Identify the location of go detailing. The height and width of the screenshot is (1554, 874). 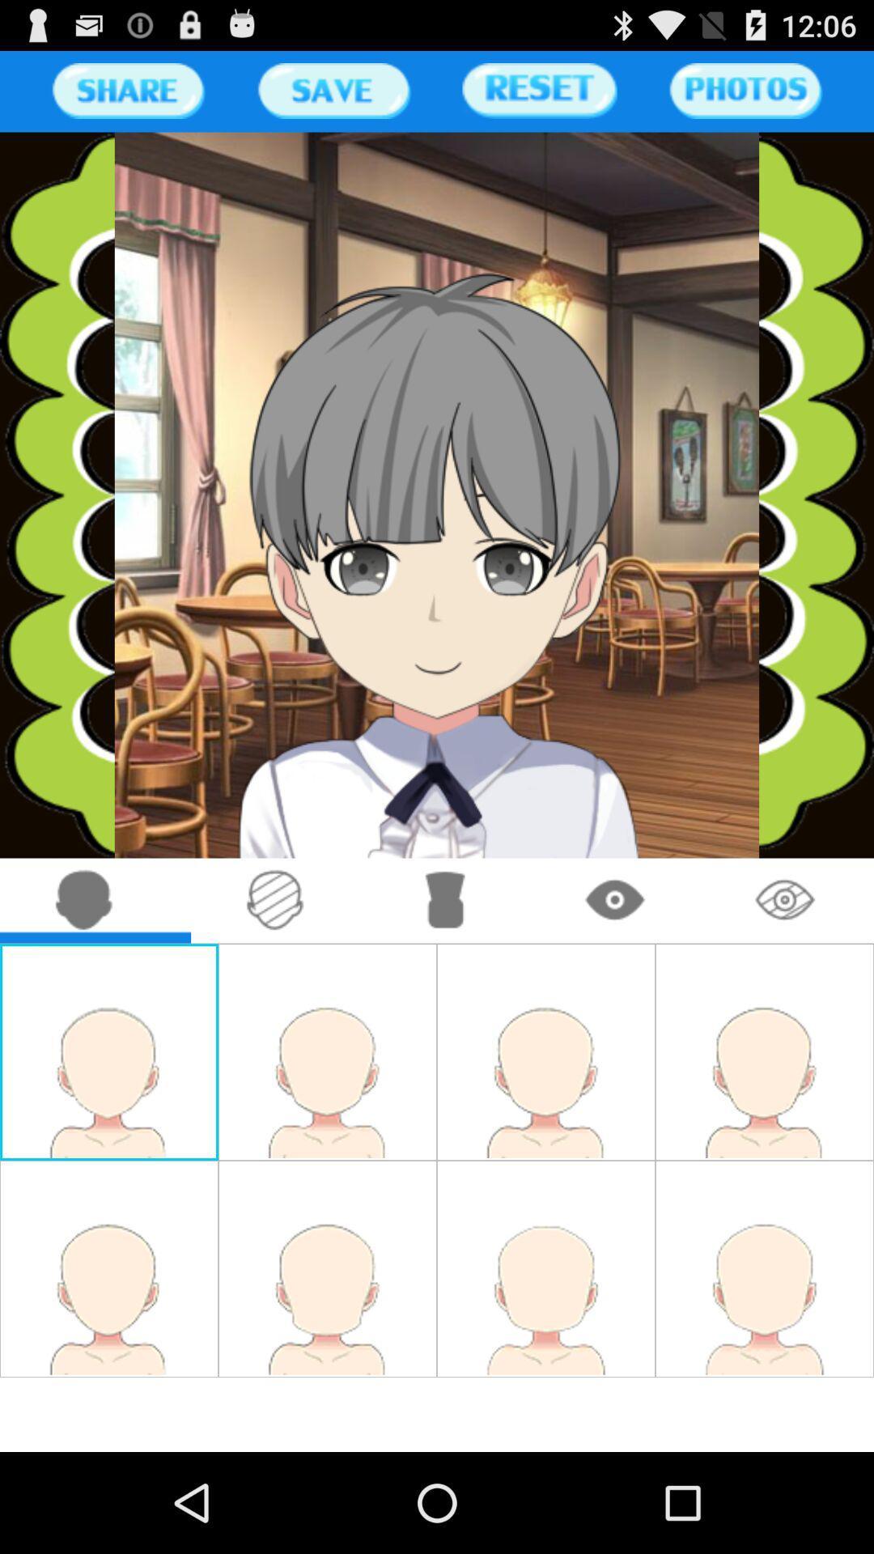
(446, 900).